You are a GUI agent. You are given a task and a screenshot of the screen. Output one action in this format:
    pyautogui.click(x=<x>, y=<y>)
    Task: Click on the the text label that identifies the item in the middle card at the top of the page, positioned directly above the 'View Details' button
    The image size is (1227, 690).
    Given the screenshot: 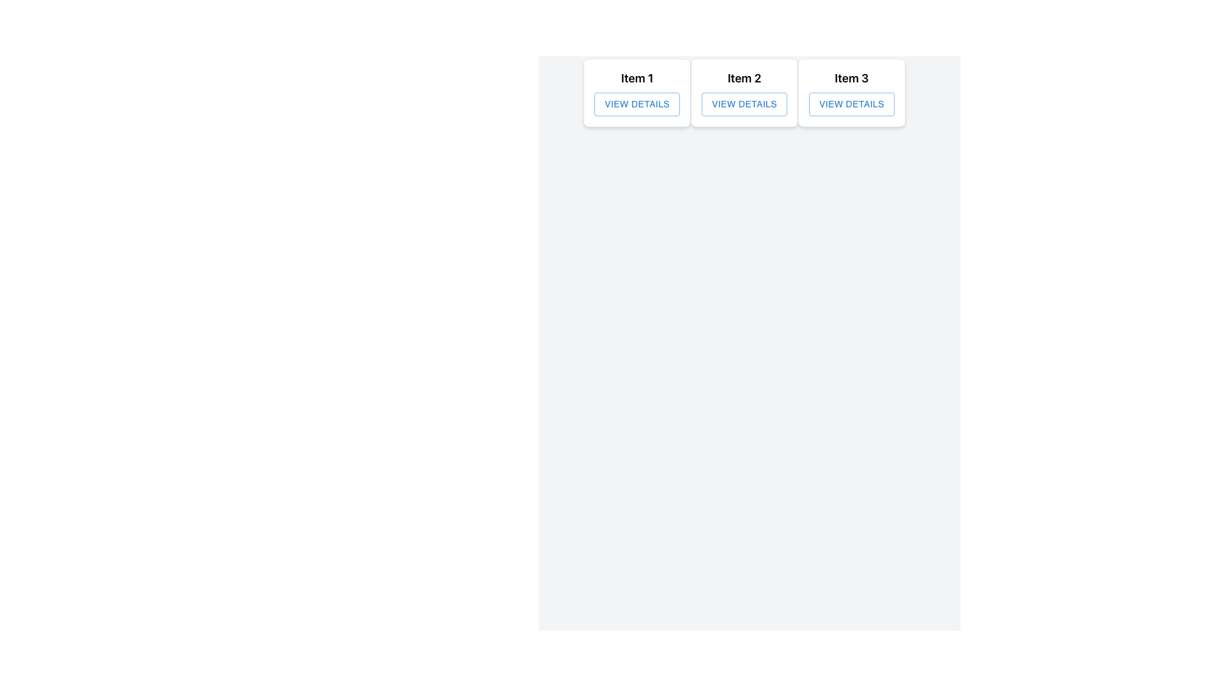 What is the action you would take?
    pyautogui.click(x=745, y=79)
    